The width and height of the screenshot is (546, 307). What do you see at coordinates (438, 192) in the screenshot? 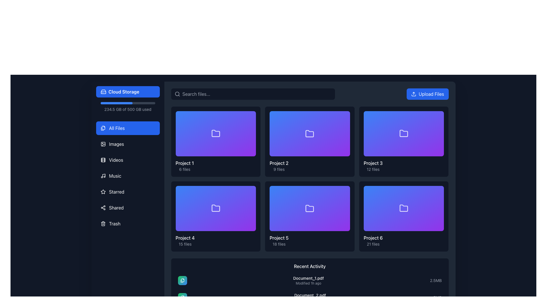
I see `the button located at the upper-right corner of the sixth card in the grid layout to change its opacity` at bounding box center [438, 192].